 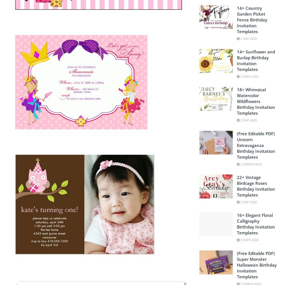 What do you see at coordinates (256, 101) in the screenshot?
I see `'18+ Whimsical Watercolor Wildflowers Birthday Invitation Templates'` at bounding box center [256, 101].